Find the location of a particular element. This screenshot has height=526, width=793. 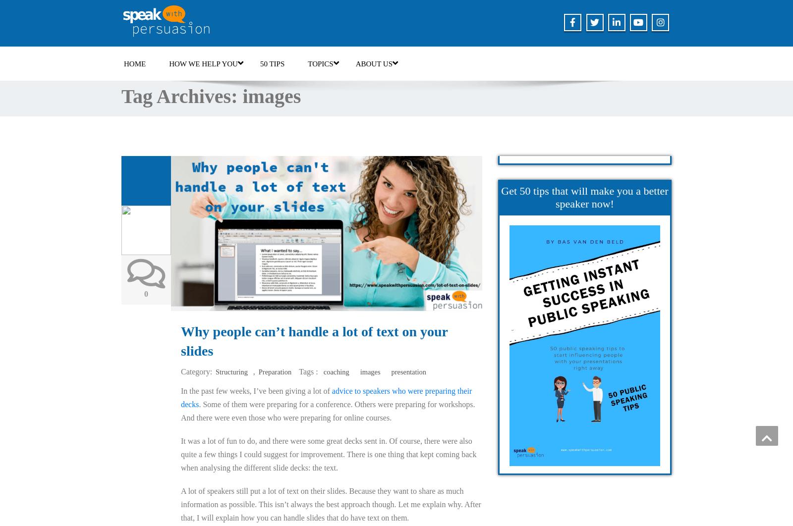

'Get 50 tips that will make you a better speaker now!' is located at coordinates (501, 196).